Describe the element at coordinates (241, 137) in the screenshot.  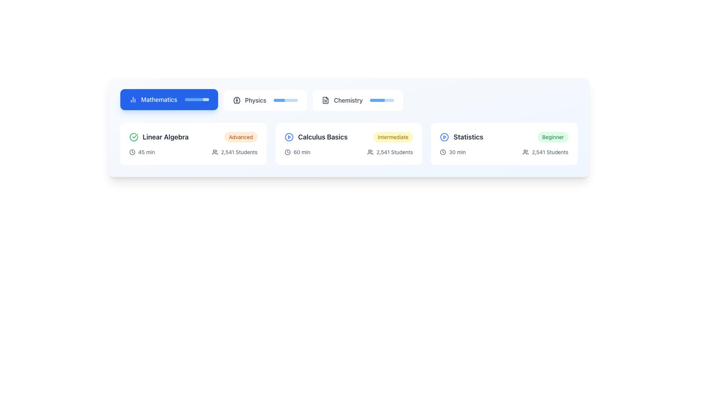
I see `the difficulty or progress indicator badge for the 'Linear Algebra' course, which is located on the right side of the course module, aligned with the course title` at that location.